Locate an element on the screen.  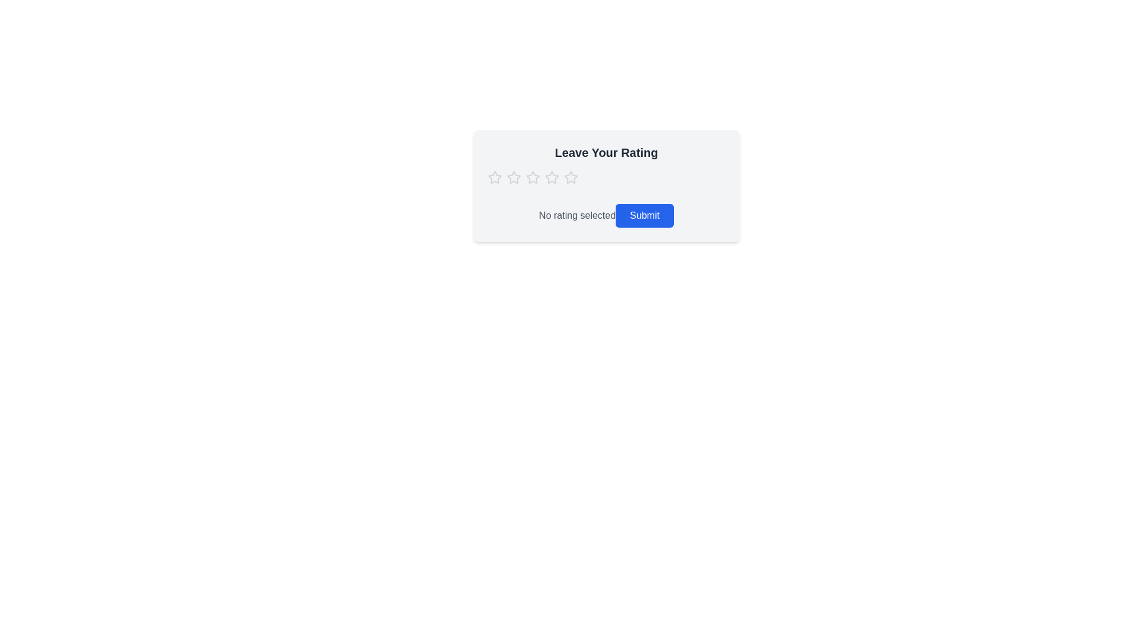
the first star-shaped rating icon is located at coordinates (513, 177).